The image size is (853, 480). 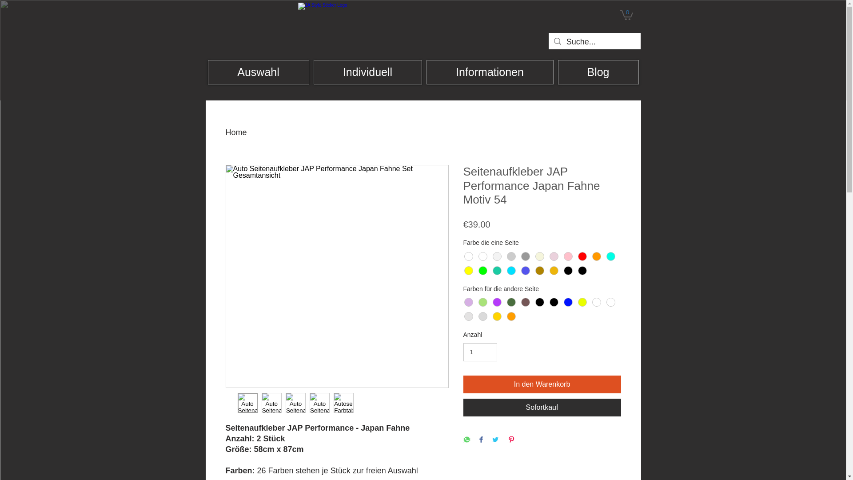 I want to click on 'Home', so click(x=236, y=132).